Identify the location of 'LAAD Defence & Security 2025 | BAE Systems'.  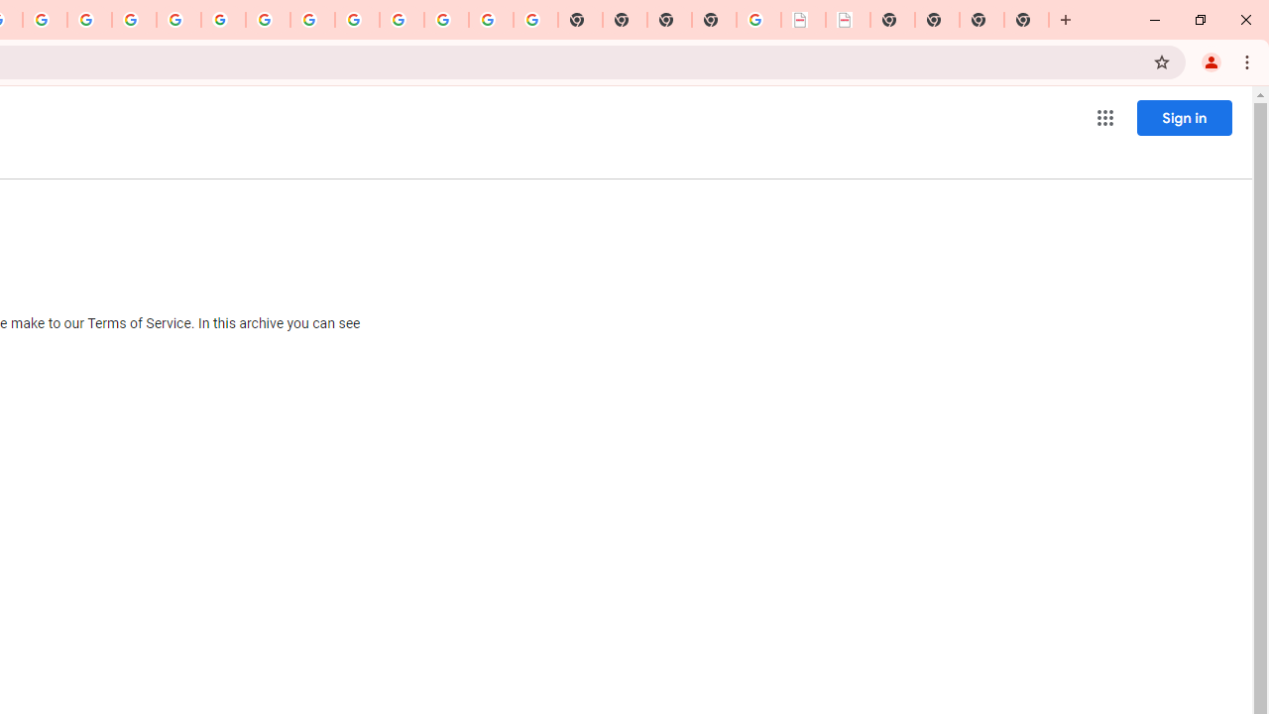
(803, 20).